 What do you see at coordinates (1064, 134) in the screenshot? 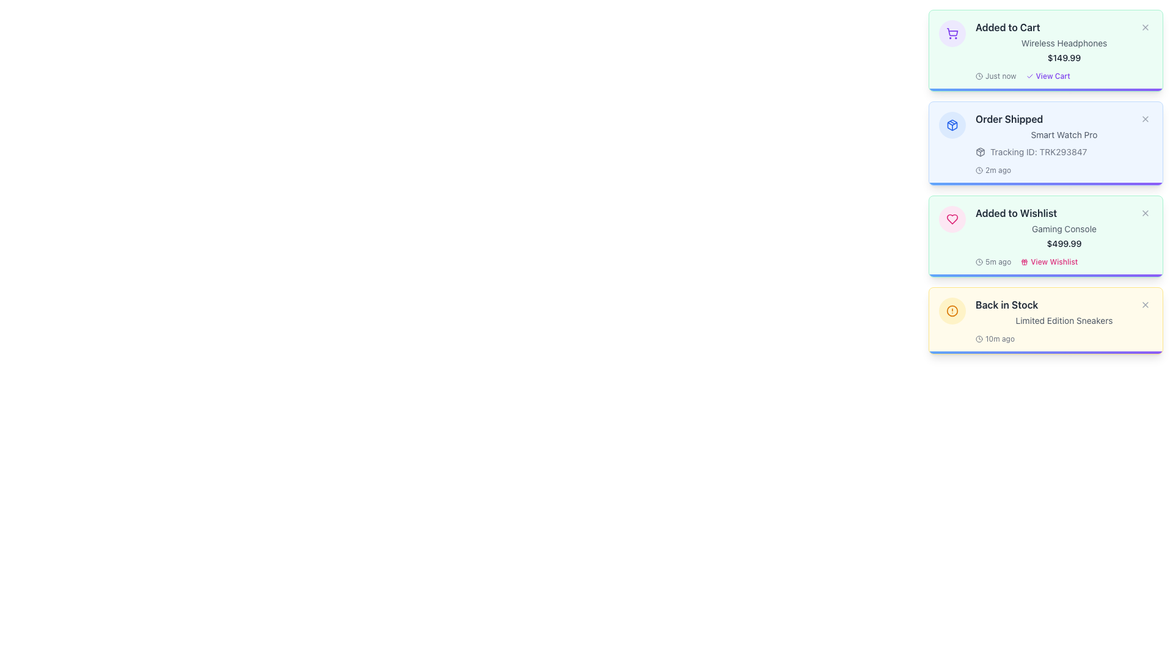
I see `the text label in the second notification card that describes the product related to the 'Order Shipped' status update, located below the title 'Order Shipped' and above the 'Tracking ID: TRK293847'` at bounding box center [1064, 134].